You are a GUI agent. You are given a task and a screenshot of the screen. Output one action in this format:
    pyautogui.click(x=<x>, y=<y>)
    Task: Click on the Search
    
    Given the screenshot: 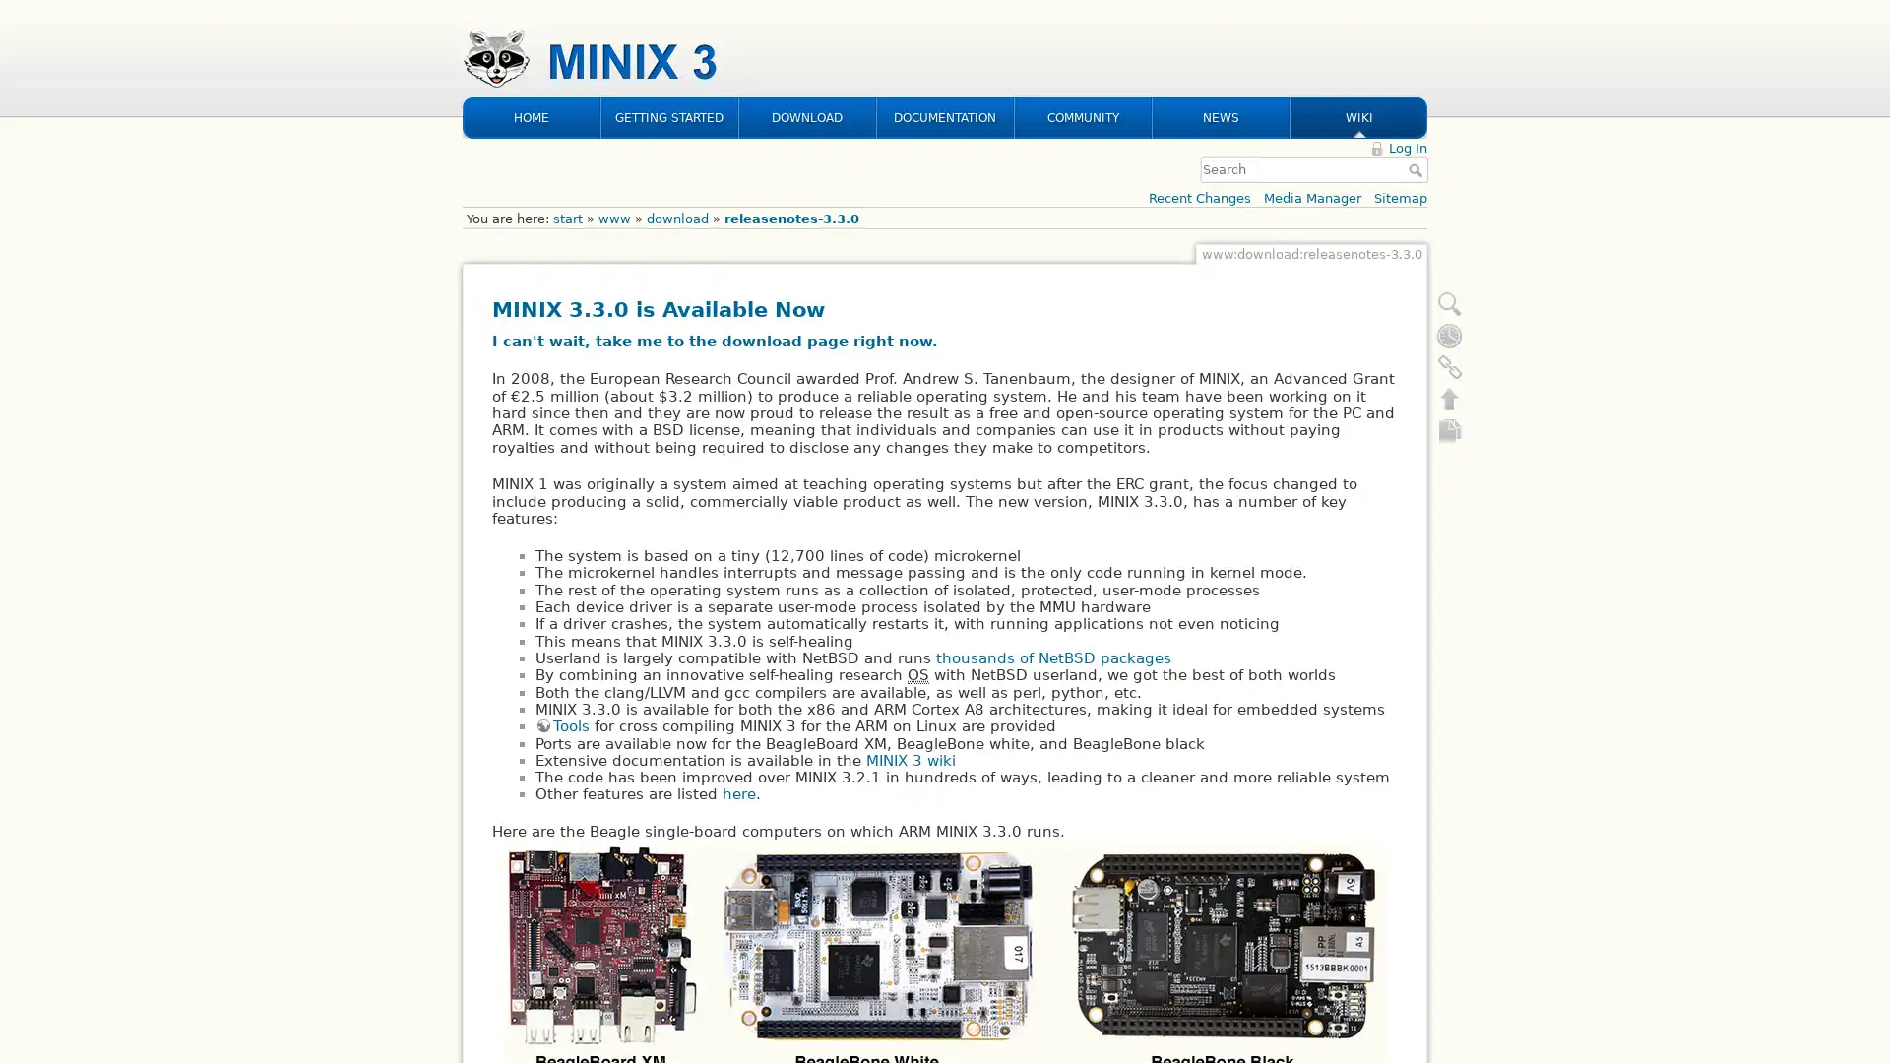 What is the action you would take?
    pyautogui.click(x=1417, y=41)
    